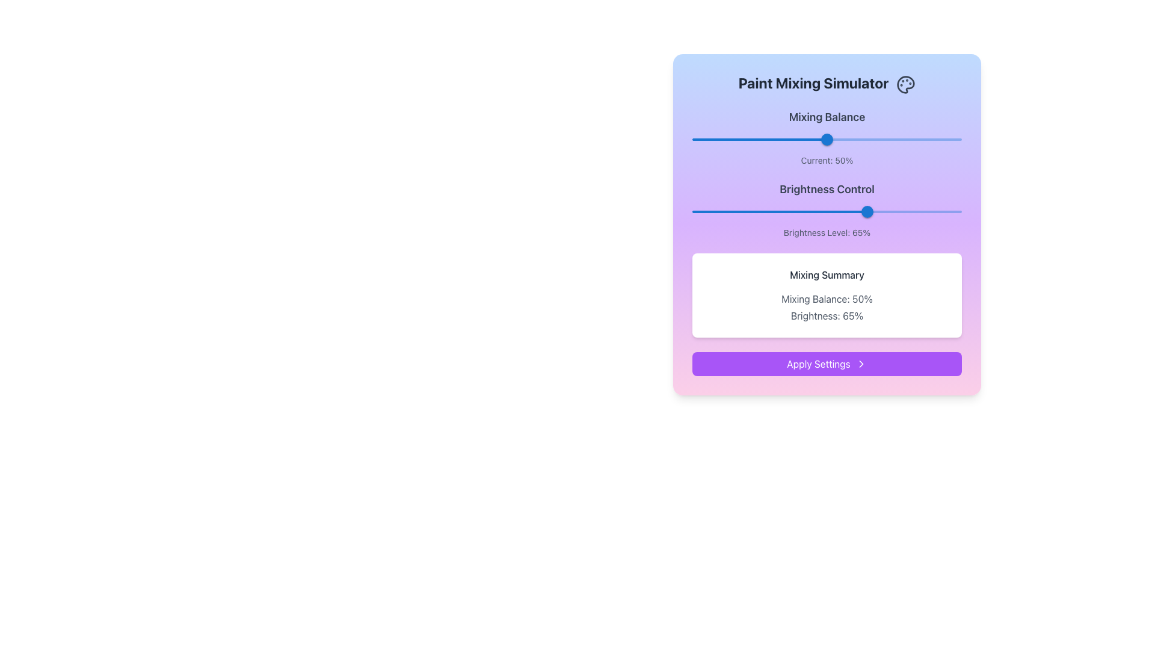  Describe the element at coordinates (858, 138) in the screenshot. I see `Mixing Balance` at that location.